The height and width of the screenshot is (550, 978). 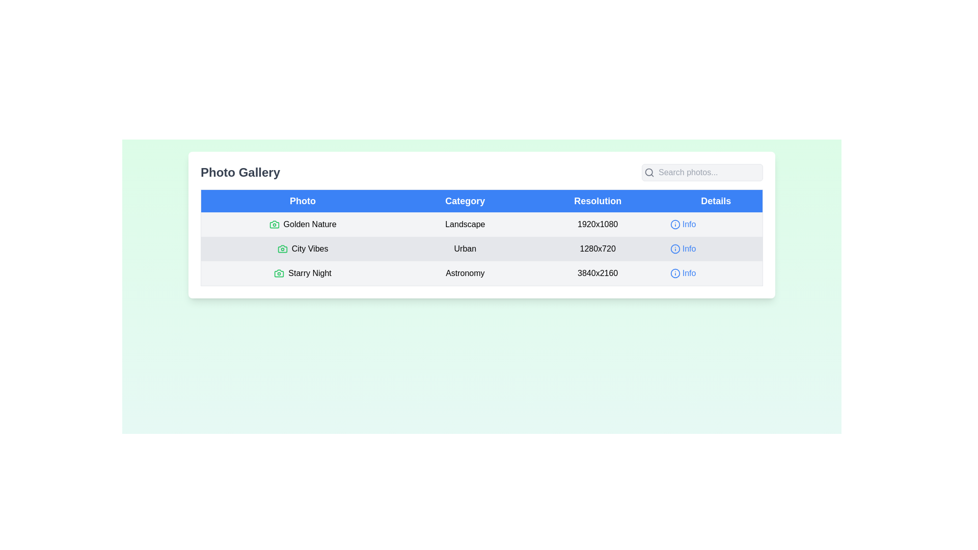 I want to click on the resolution text label displaying information for the 'City Vibes' photo in the 'Photo Gallery' table, located in the second row of the 'Resolution' column, so click(x=597, y=249).